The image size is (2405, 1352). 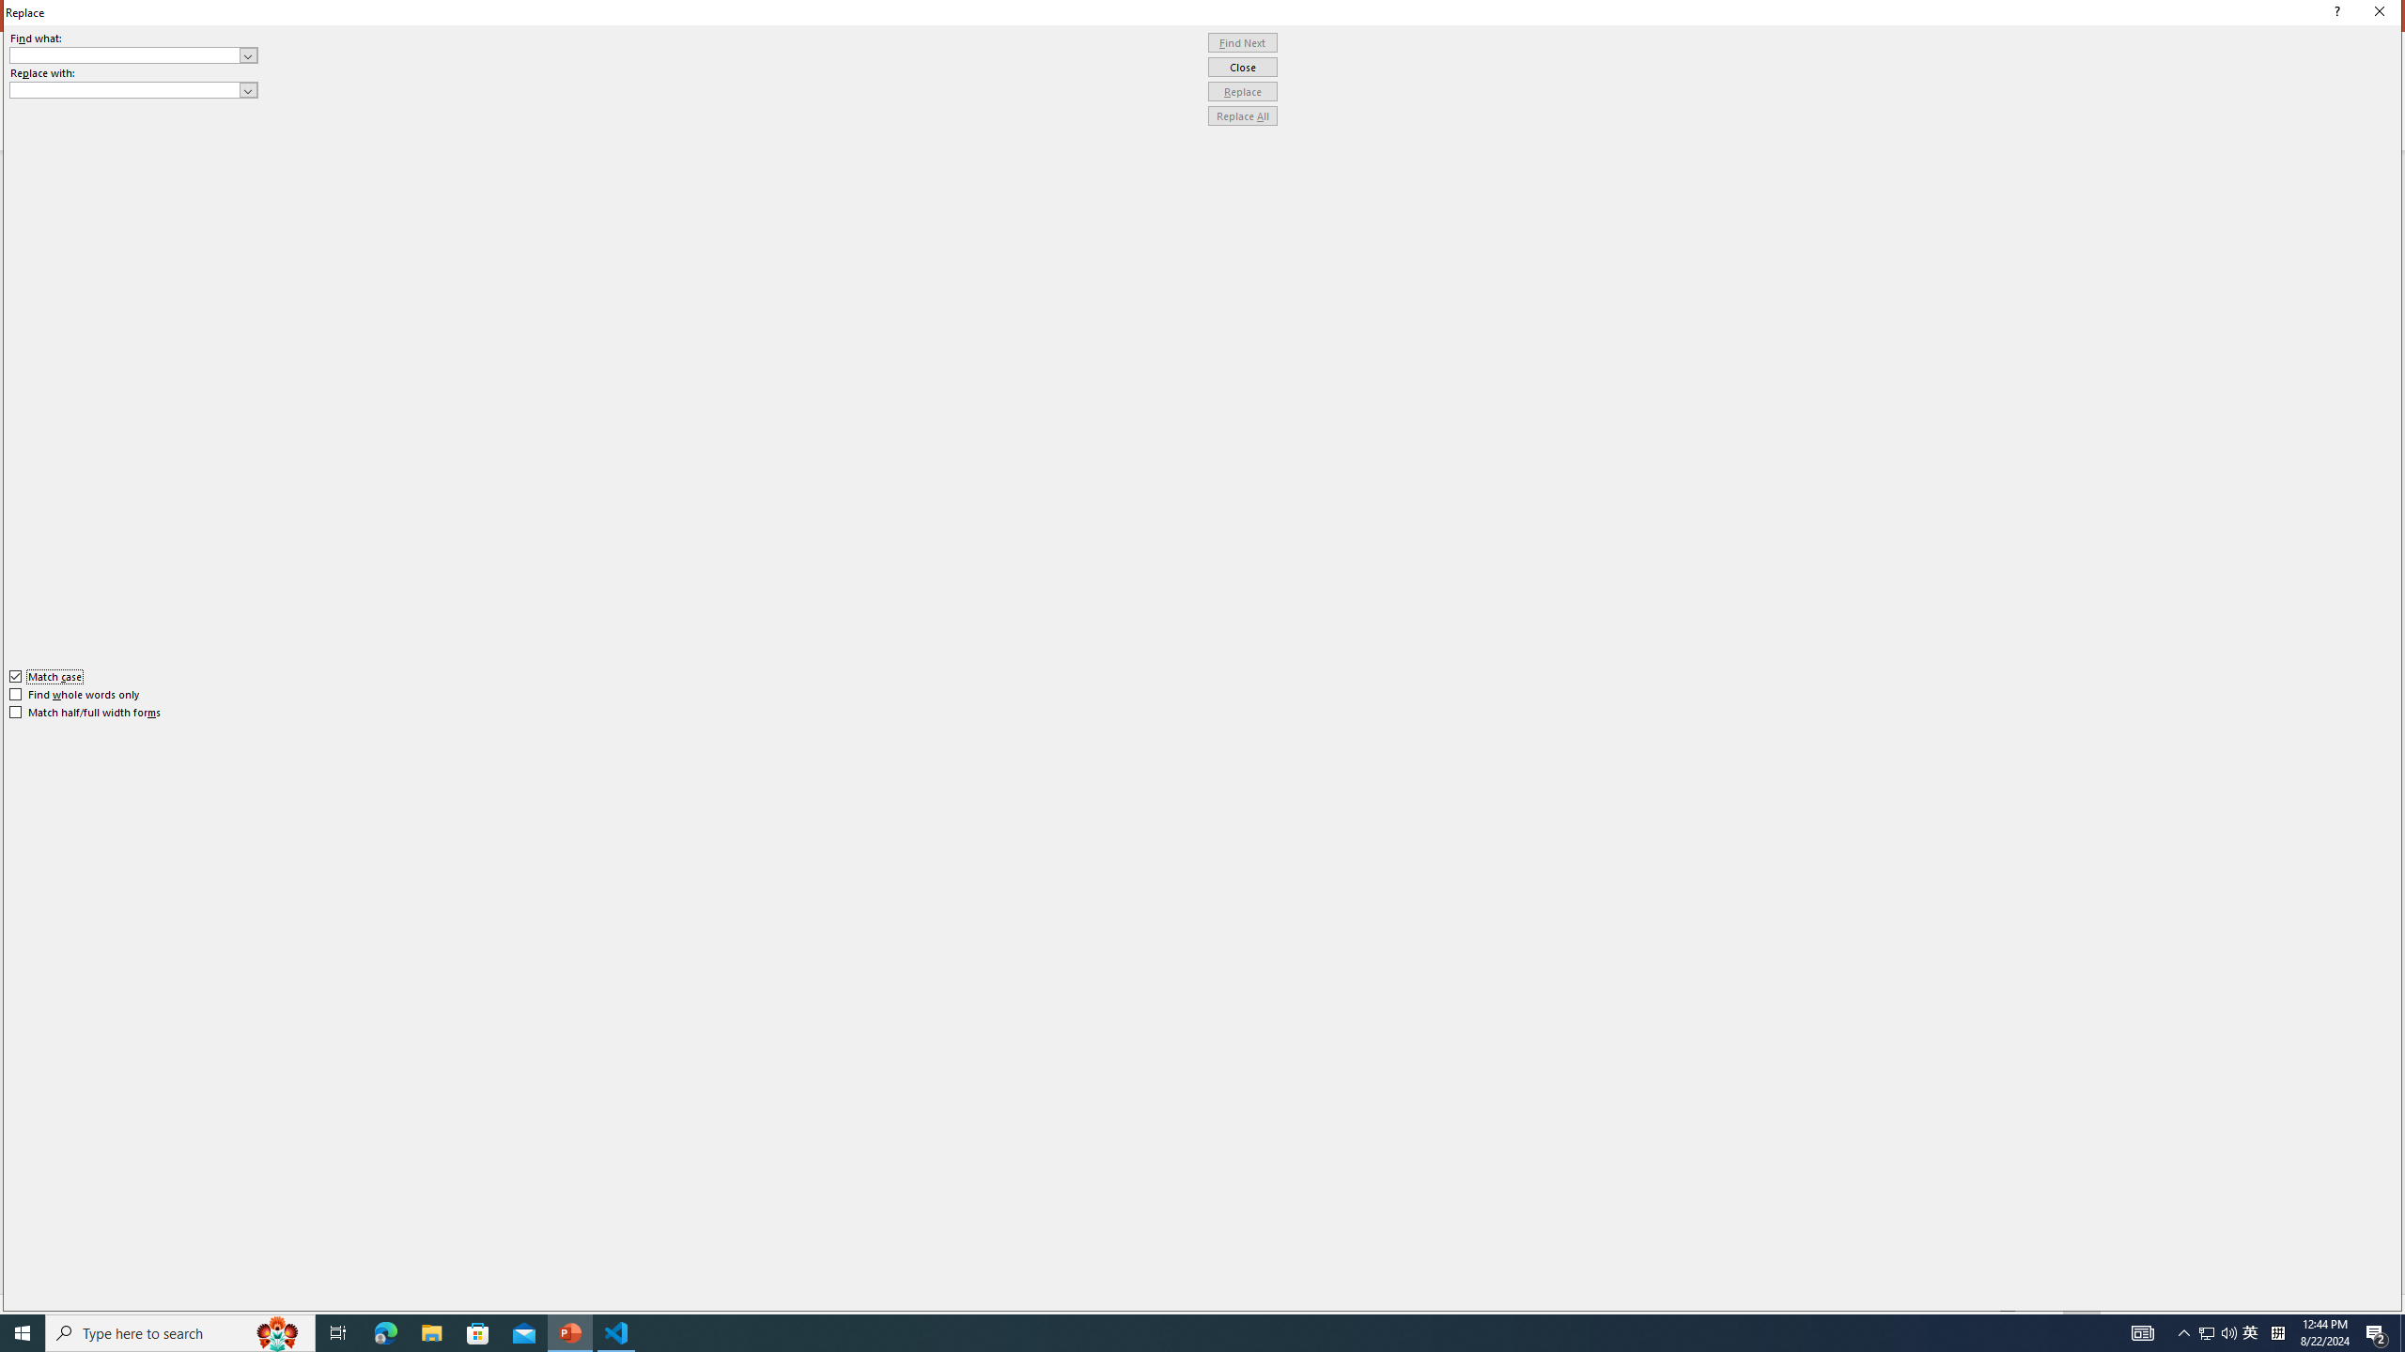 I want to click on 'Match half/full width forms', so click(x=85, y=712).